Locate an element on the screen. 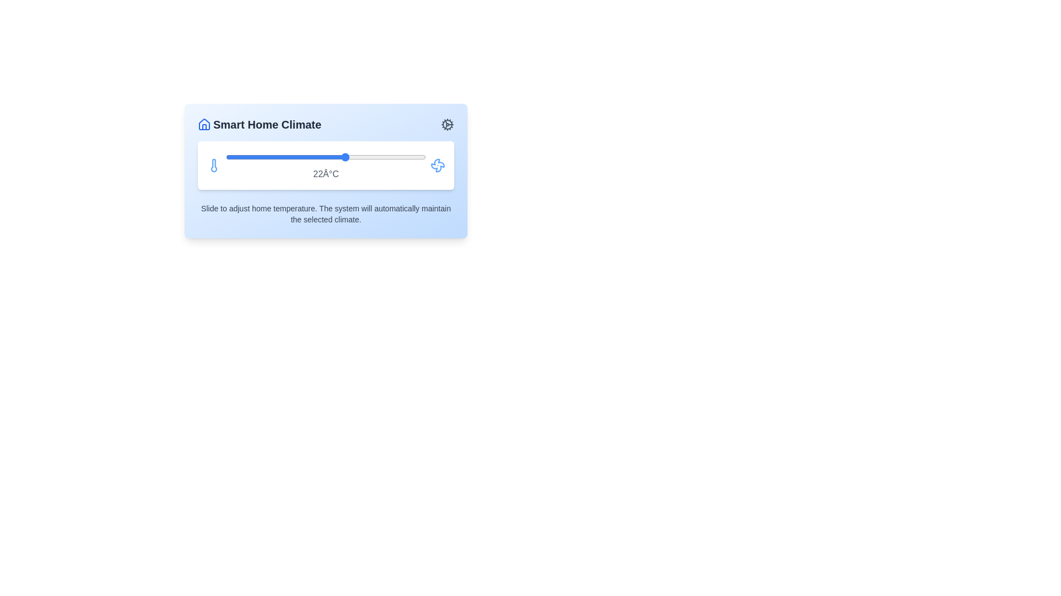 Image resolution: width=1061 pixels, height=596 pixels. the explanatory text area to read its content is located at coordinates (325, 214).